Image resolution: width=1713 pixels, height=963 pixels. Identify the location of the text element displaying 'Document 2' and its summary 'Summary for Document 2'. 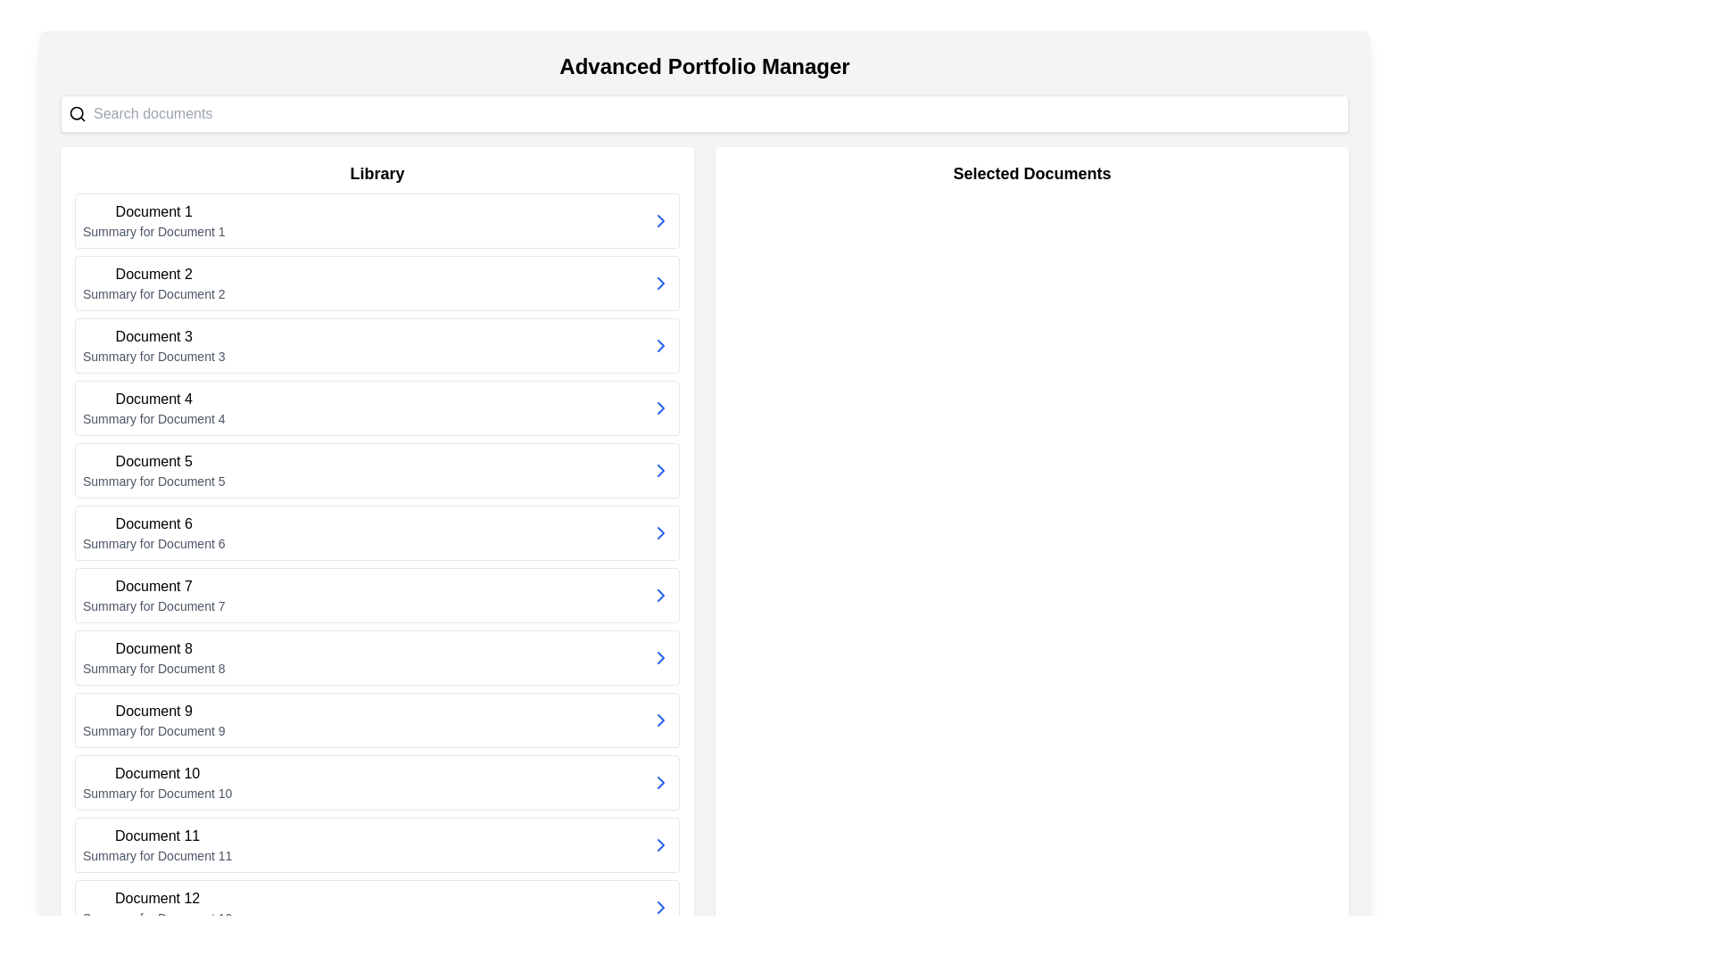
(153, 282).